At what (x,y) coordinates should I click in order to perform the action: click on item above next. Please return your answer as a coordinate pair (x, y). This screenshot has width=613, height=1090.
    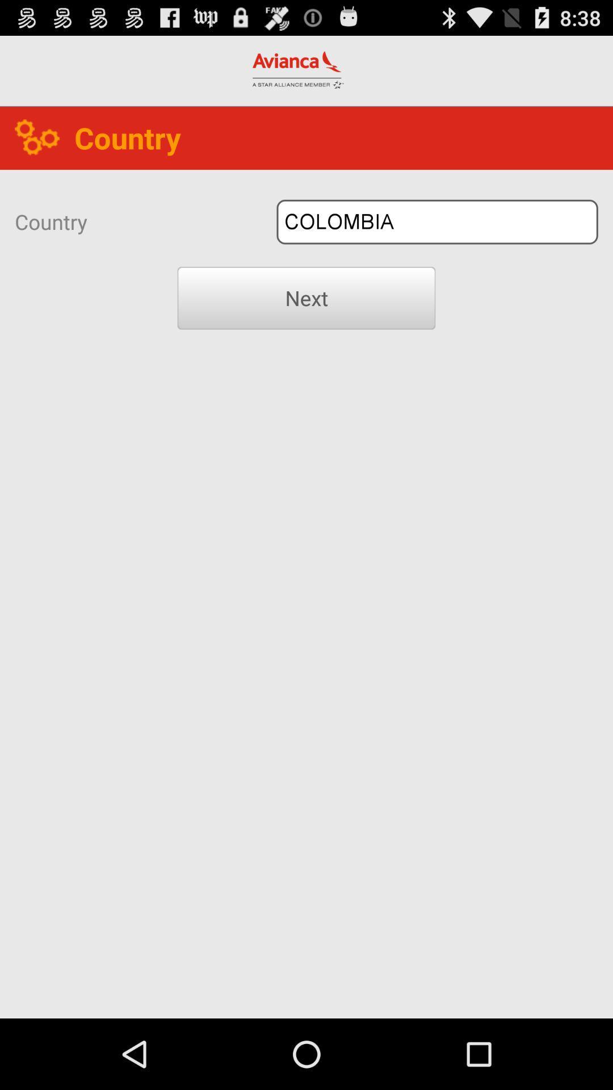
    Looking at the image, I should click on (436, 222).